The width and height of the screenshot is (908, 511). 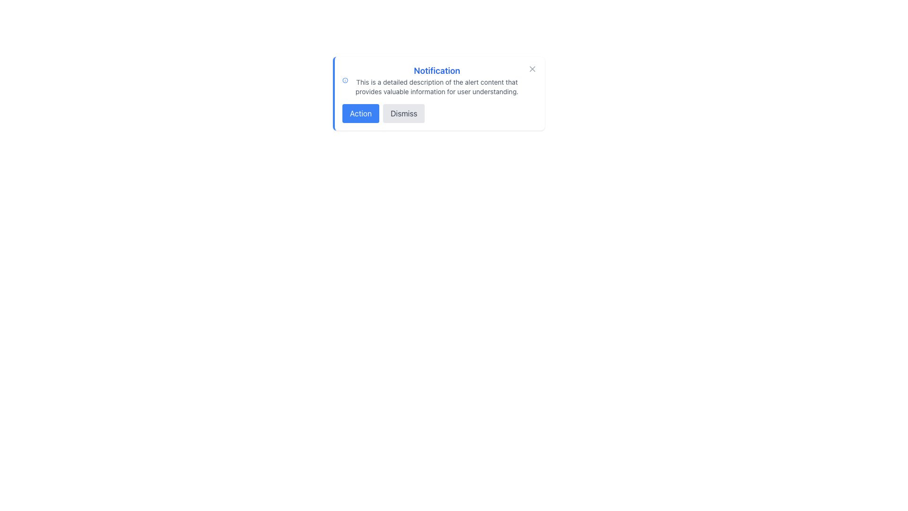 I want to click on prominent blue text label displaying 'Notification' located at the top of the notification dialog box, so click(x=437, y=70).